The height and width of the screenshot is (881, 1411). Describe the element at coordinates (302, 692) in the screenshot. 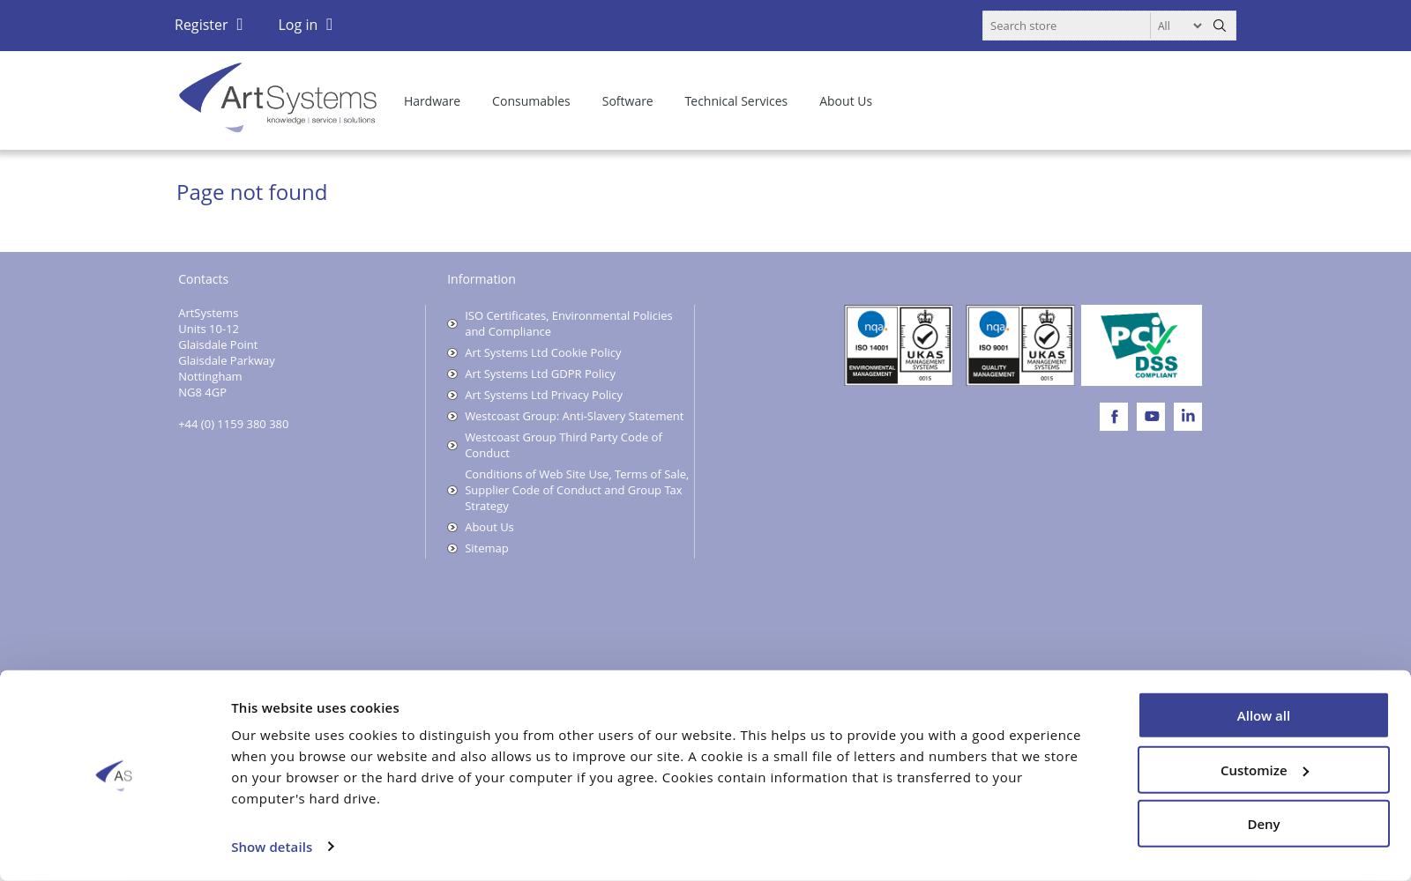

I see `'Copyright © 2023 ArtSystems Store. All rights reserved.'` at that location.